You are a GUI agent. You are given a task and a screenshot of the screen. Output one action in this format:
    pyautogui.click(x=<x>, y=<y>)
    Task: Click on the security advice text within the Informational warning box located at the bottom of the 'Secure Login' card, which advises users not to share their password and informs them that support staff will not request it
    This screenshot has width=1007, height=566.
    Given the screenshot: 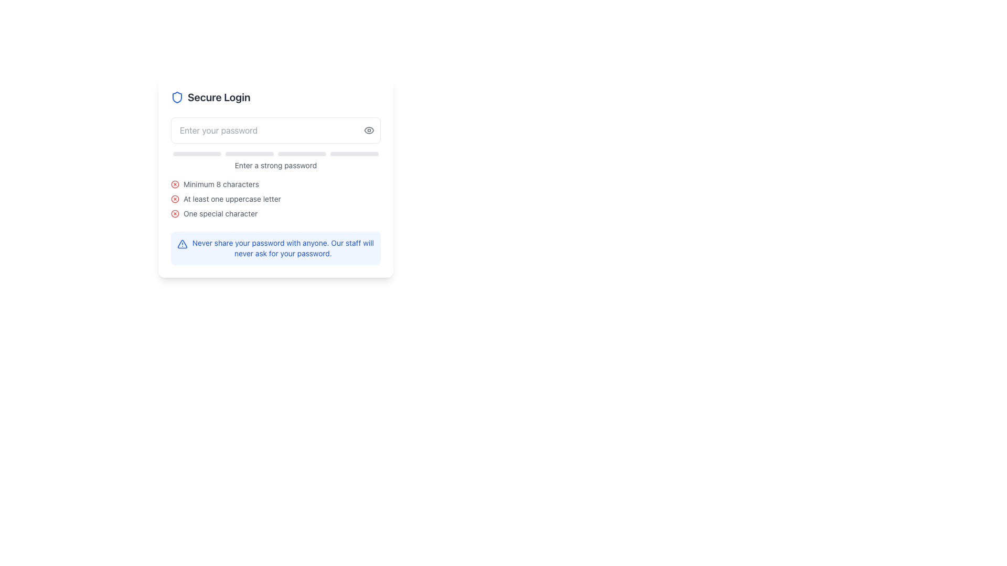 What is the action you would take?
    pyautogui.click(x=276, y=248)
    